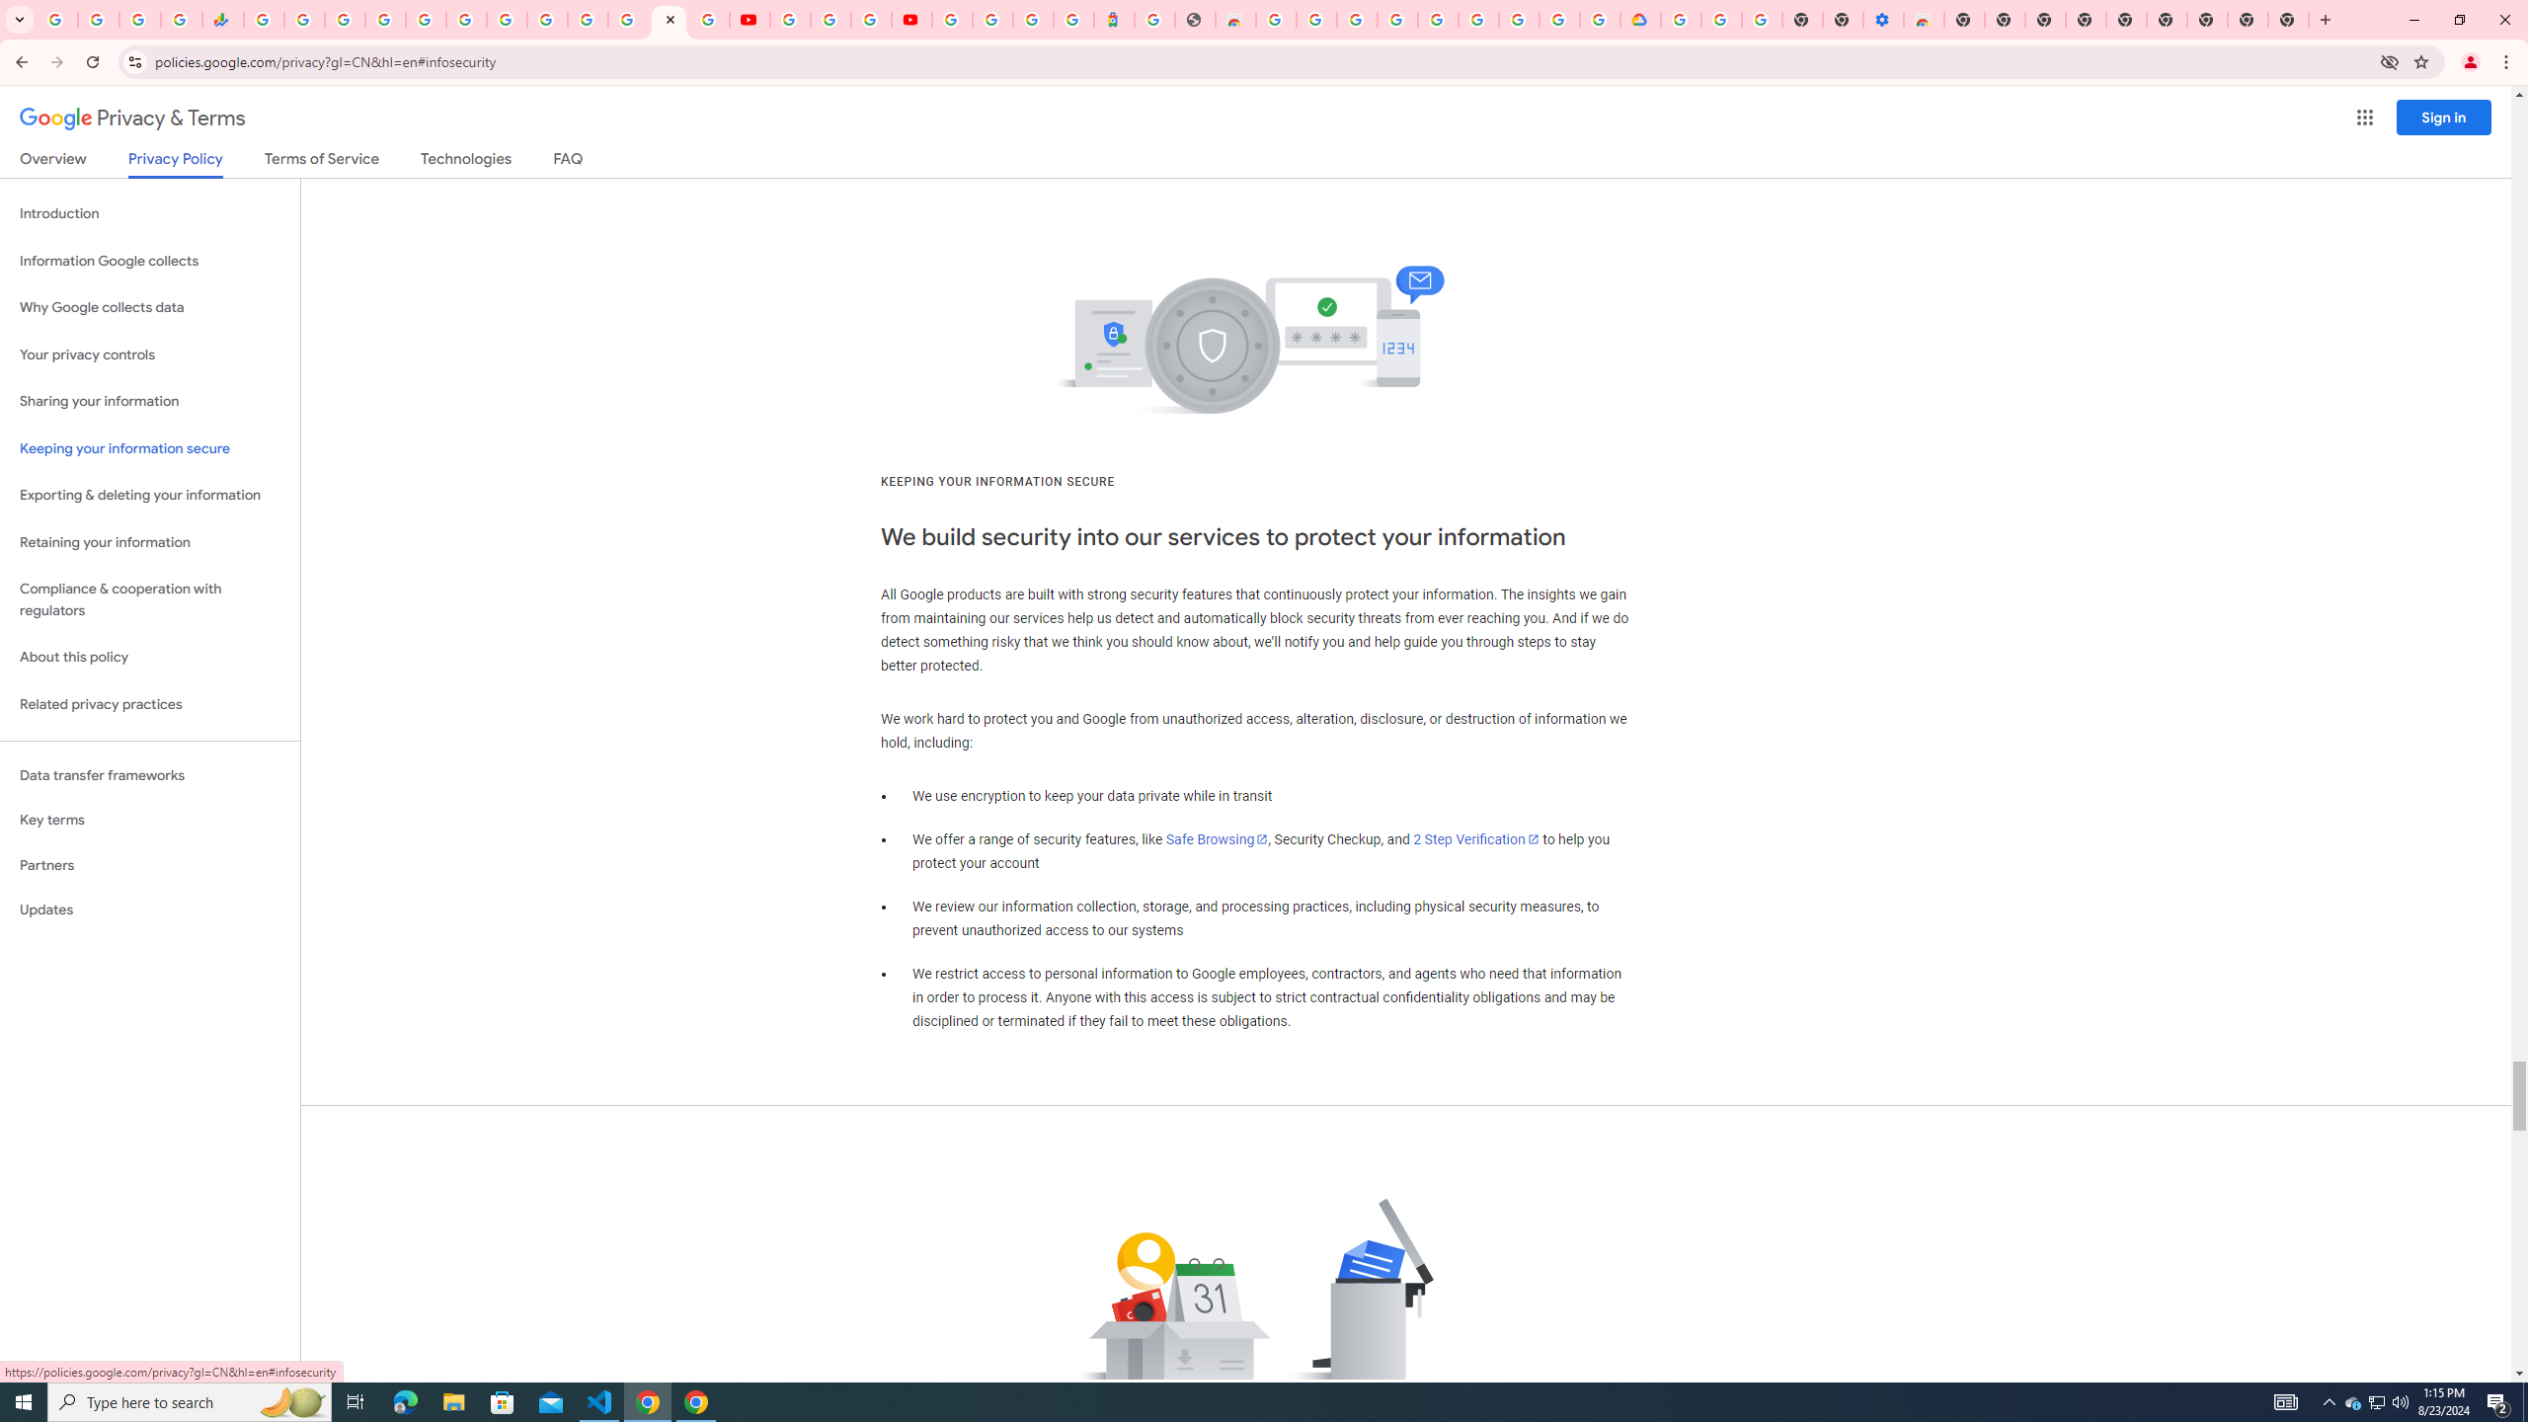  I want to click on 'Google Account Help', so click(829, 19).